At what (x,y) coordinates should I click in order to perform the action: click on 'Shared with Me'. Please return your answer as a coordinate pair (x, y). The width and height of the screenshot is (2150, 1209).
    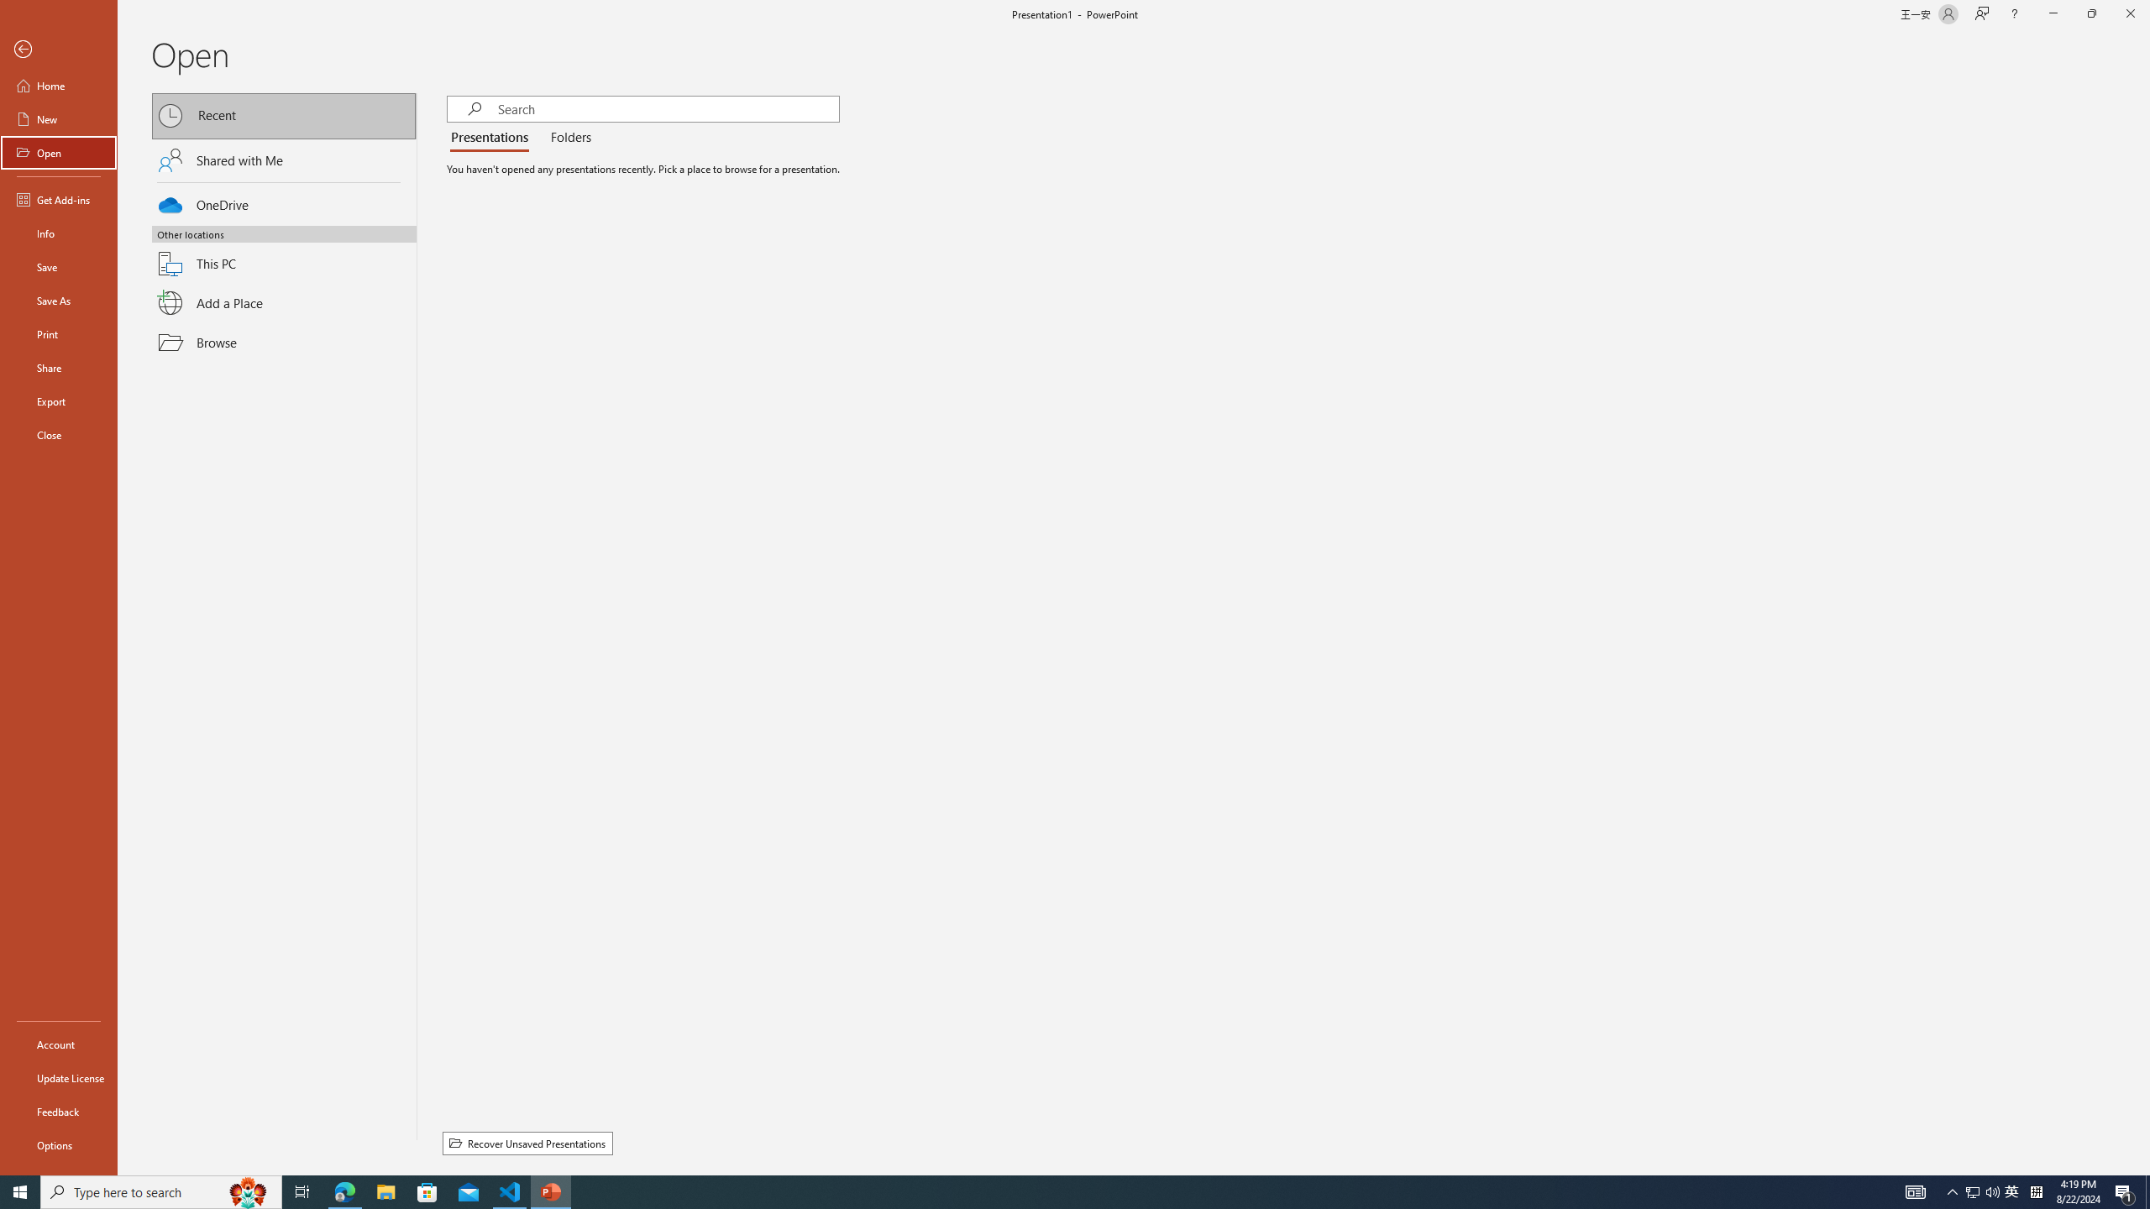
    Looking at the image, I should click on (284, 159).